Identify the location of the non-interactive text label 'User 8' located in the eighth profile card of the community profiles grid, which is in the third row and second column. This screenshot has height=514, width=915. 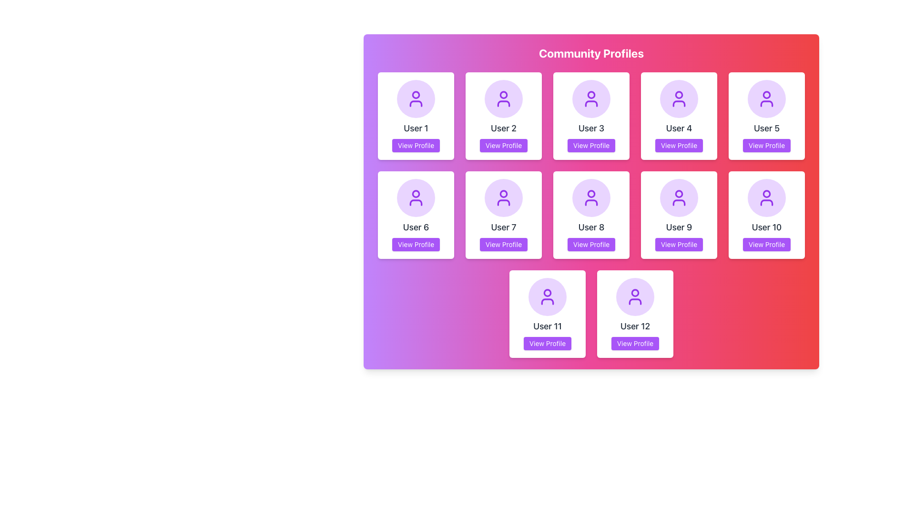
(591, 227).